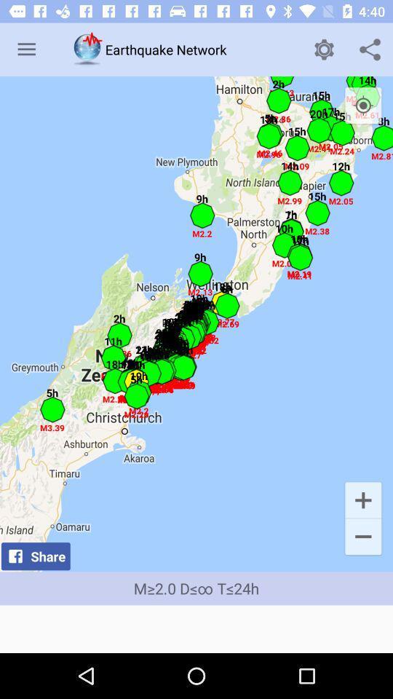  I want to click on the location_crosshair icon, so click(362, 105).